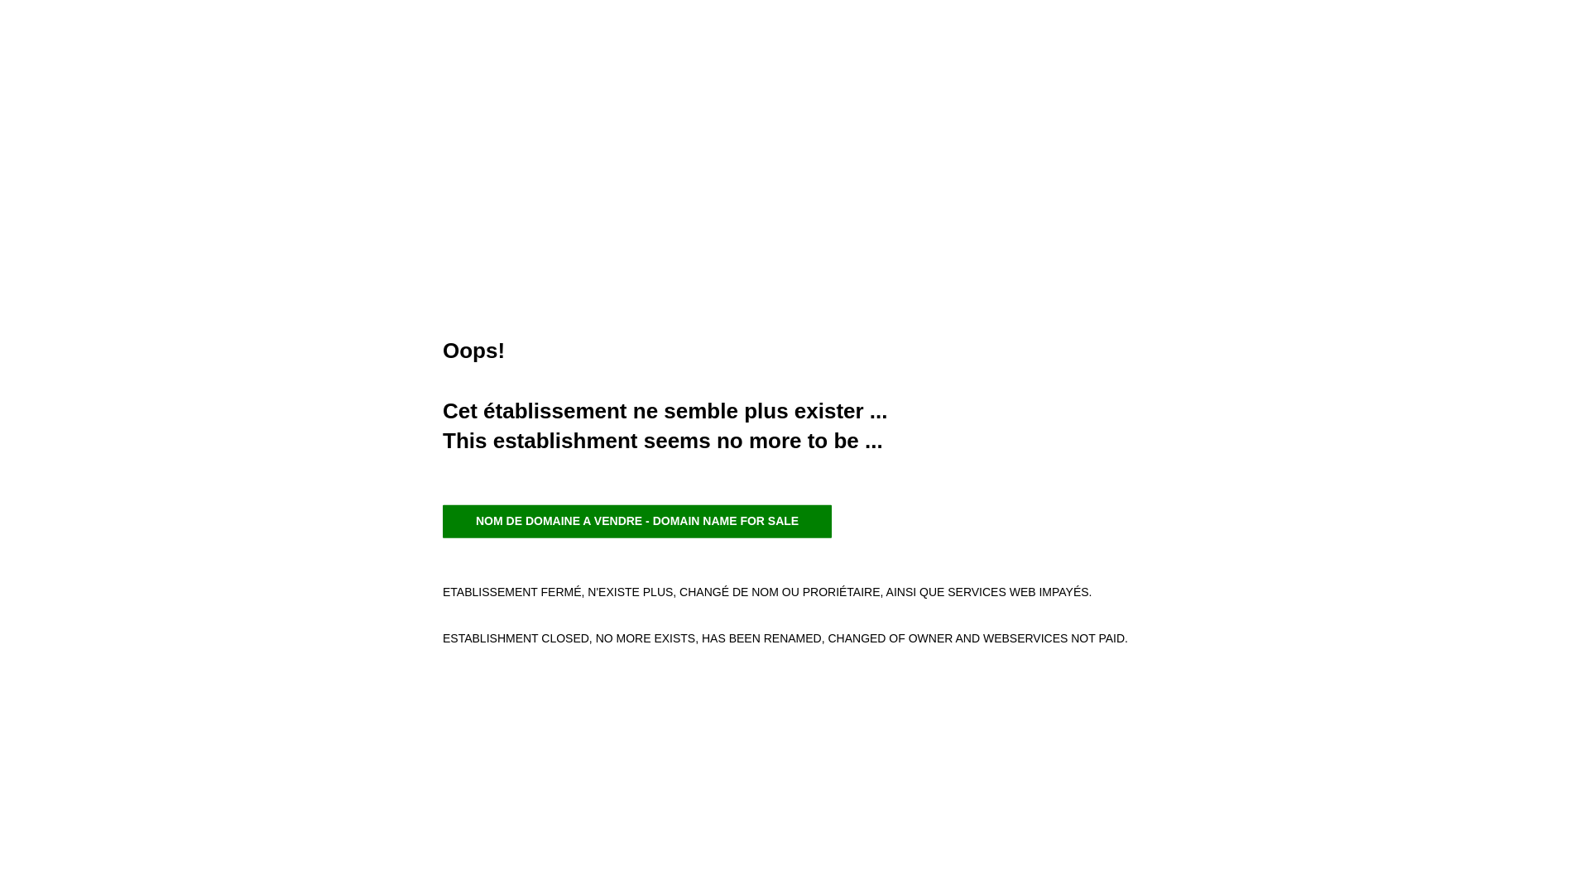 This screenshot has height=893, width=1589. I want to click on 'NOM DE DOMAINE A VENDRE - DOMAIN NAME FOR SALE', so click(636, 522).